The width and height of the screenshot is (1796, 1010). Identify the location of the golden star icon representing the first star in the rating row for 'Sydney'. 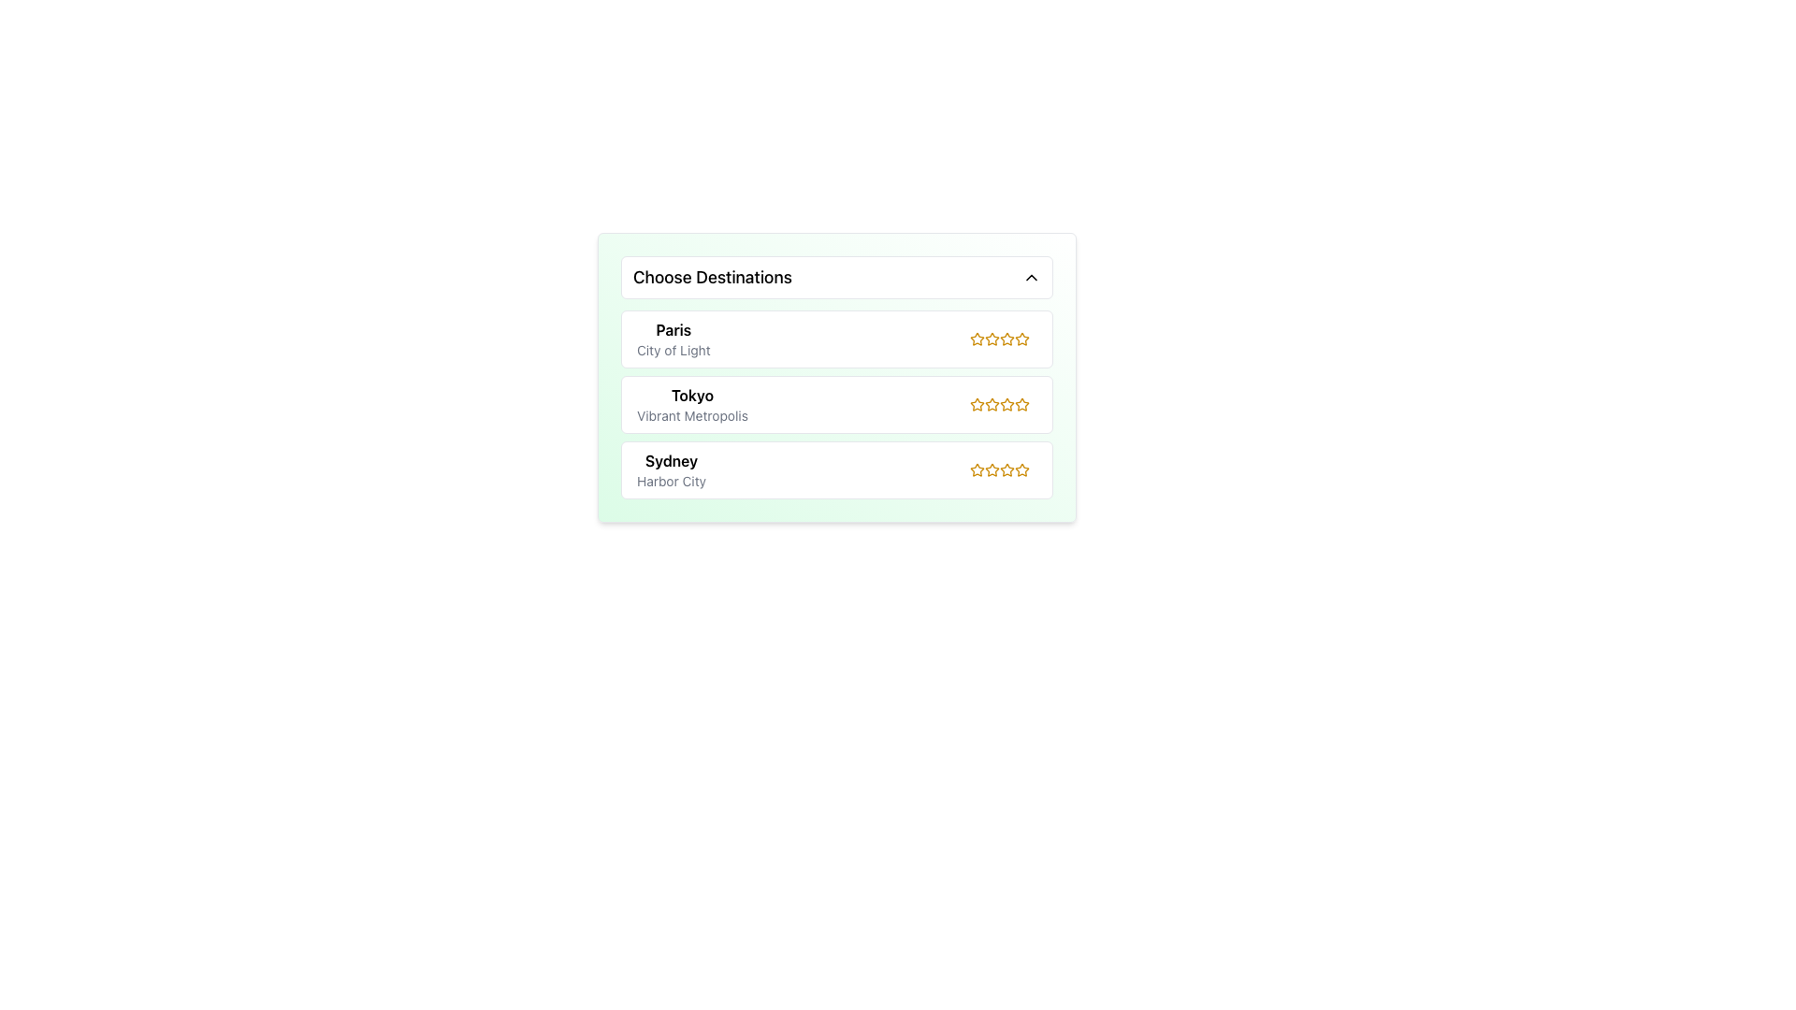
(977, 469).